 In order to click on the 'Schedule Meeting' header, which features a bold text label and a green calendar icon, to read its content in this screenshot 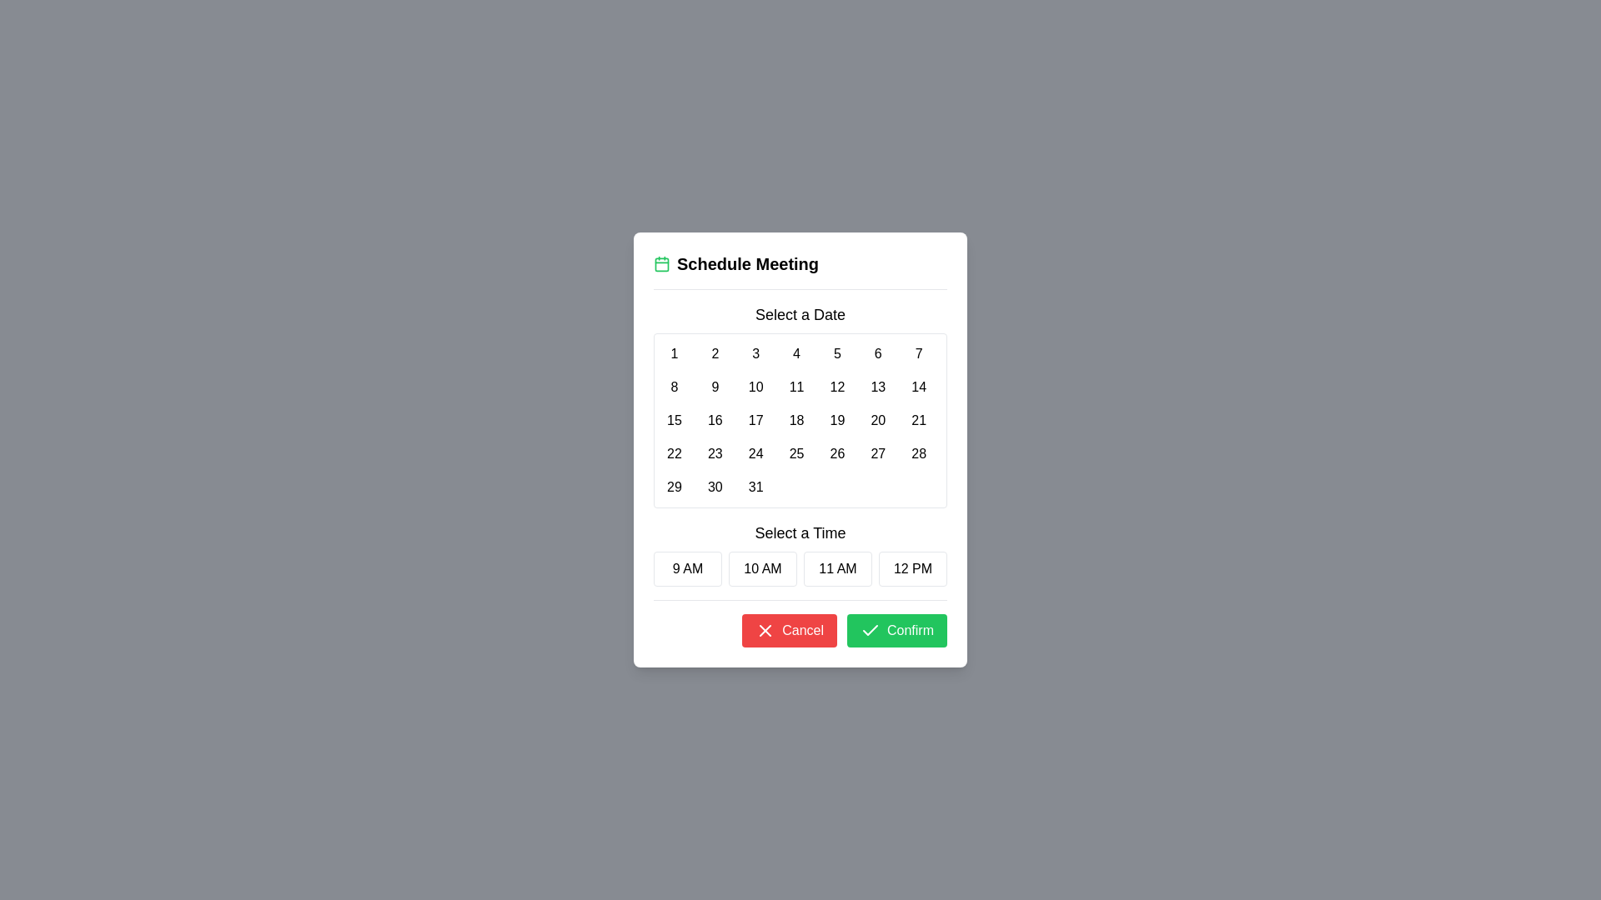, I will do `click(800, 262)`.